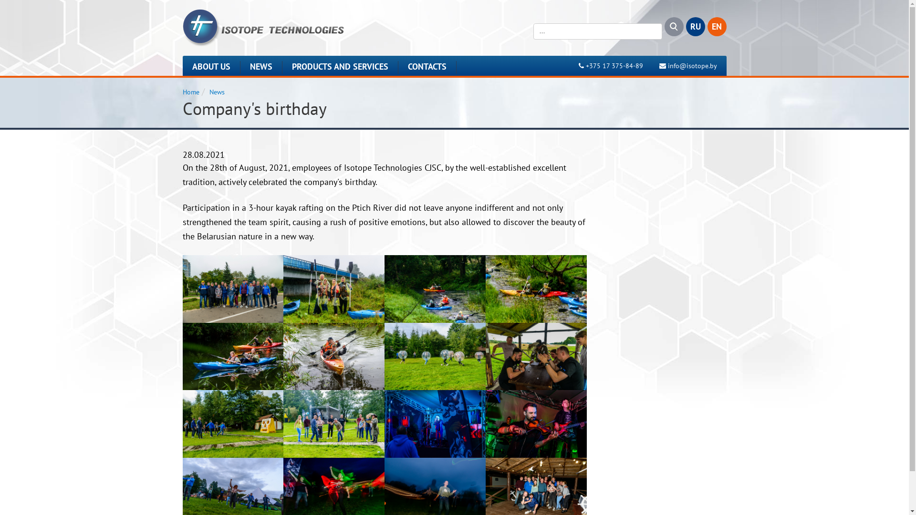 Image resolution: width=916 pixels, height=515 pixels. I want to click on 'RU', so click(696, 26).